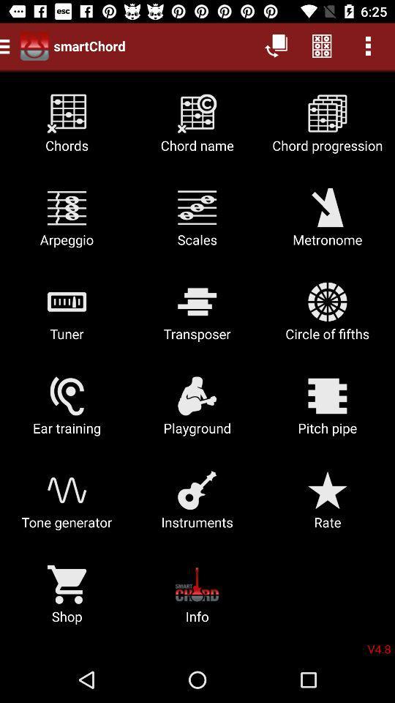 The width and height of the screenshot is (395, 703). What do you see at coordinates (66, 505) in the screenshot?
I see `icon below ear training` at bounding box center [66, 505].